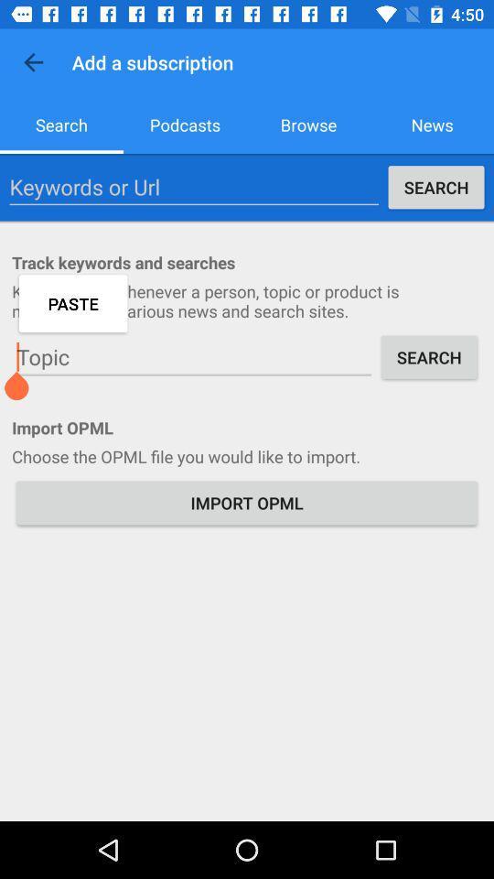  What do you see at coordinates (193, 356) in the screenshot?
I see `item to the left of the search item` at bounding box center [193, 356].